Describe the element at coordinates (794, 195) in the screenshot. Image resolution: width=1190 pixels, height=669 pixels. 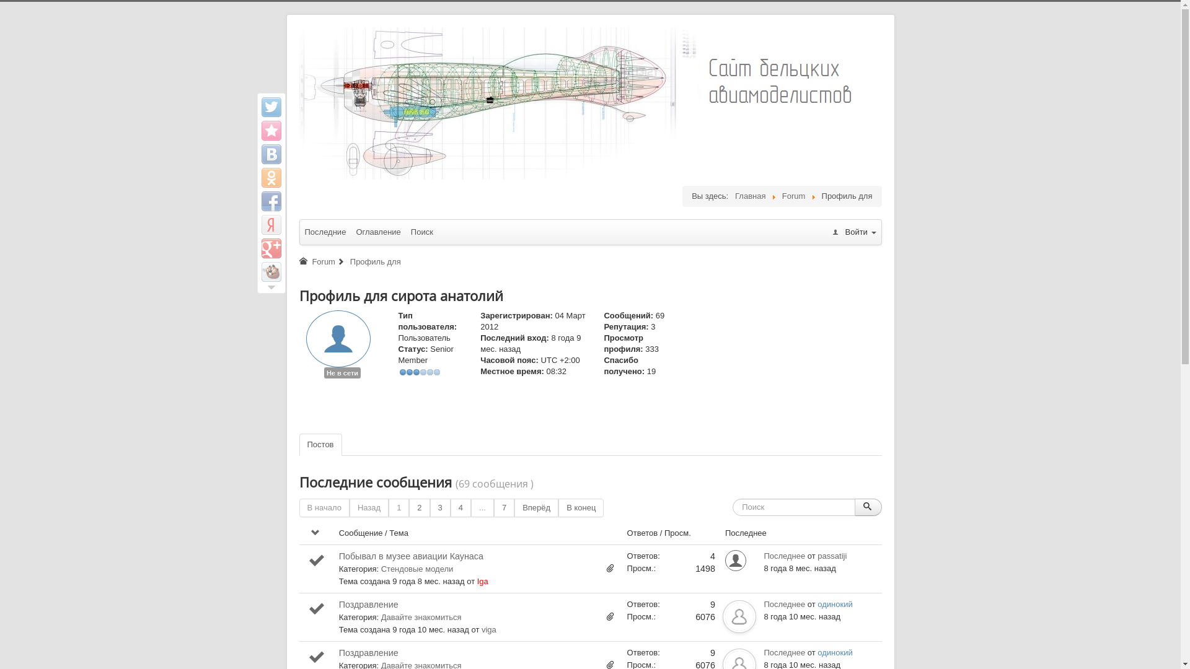
I see `'Forum'` at that location.